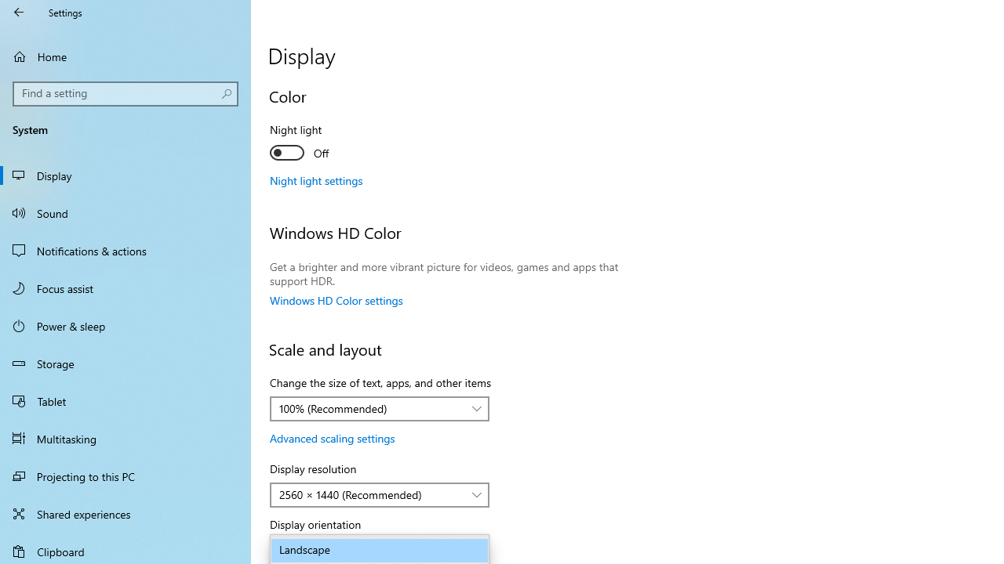 Image resolution: width=1004 pixels, height=564 pixels. I want to click on 'Multitasking', so click(125, 438).